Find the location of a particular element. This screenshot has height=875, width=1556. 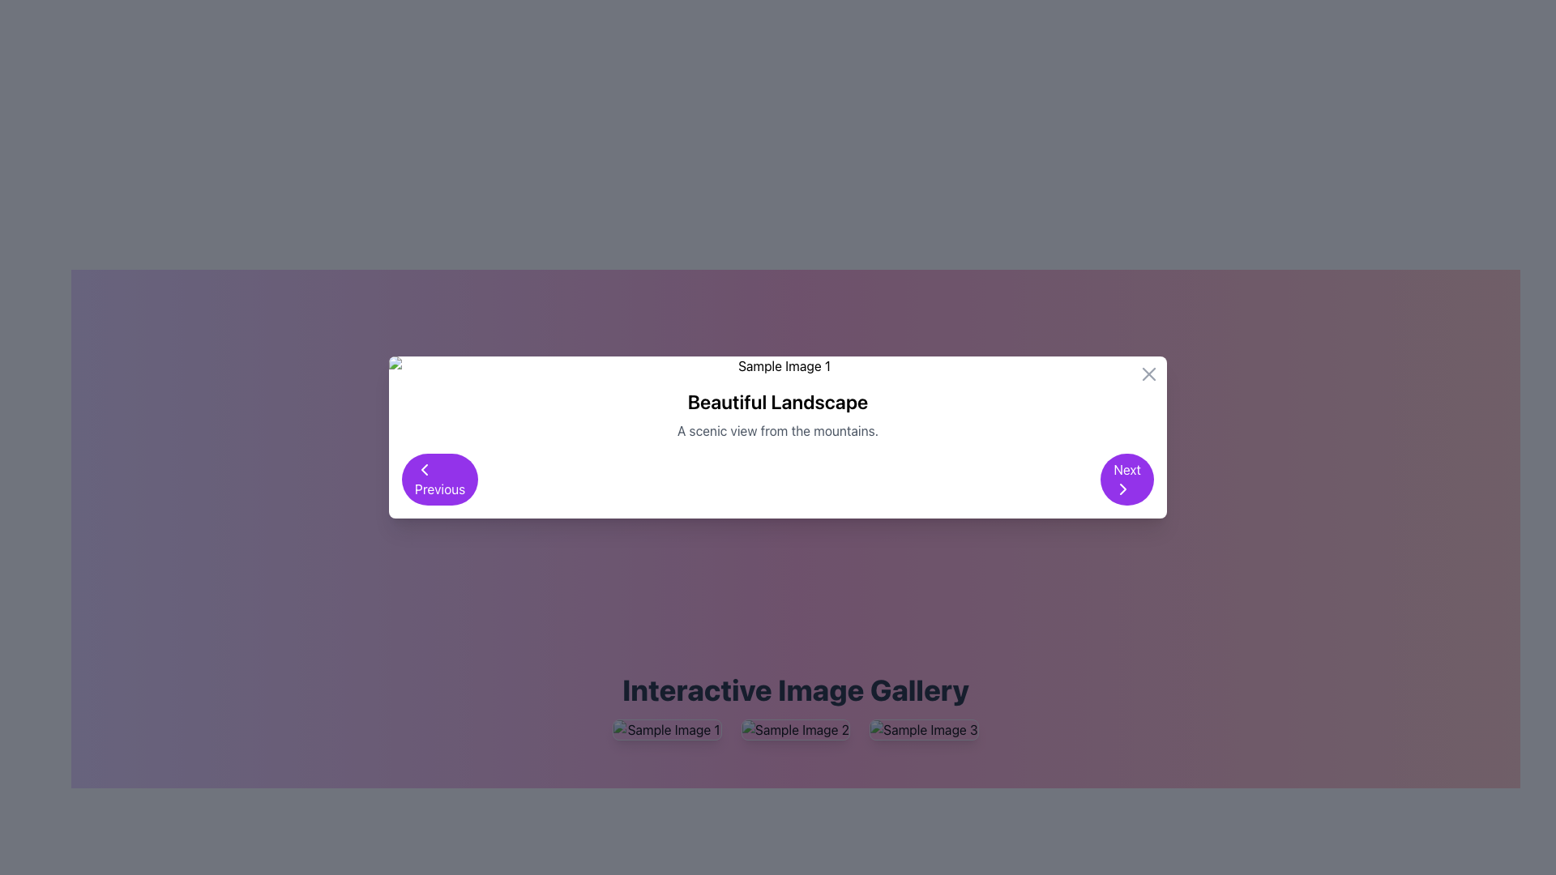

the first interactive card in the gallery section to scale up the image labeled 'Sample Image 1' is located at coordinates (667, 730).